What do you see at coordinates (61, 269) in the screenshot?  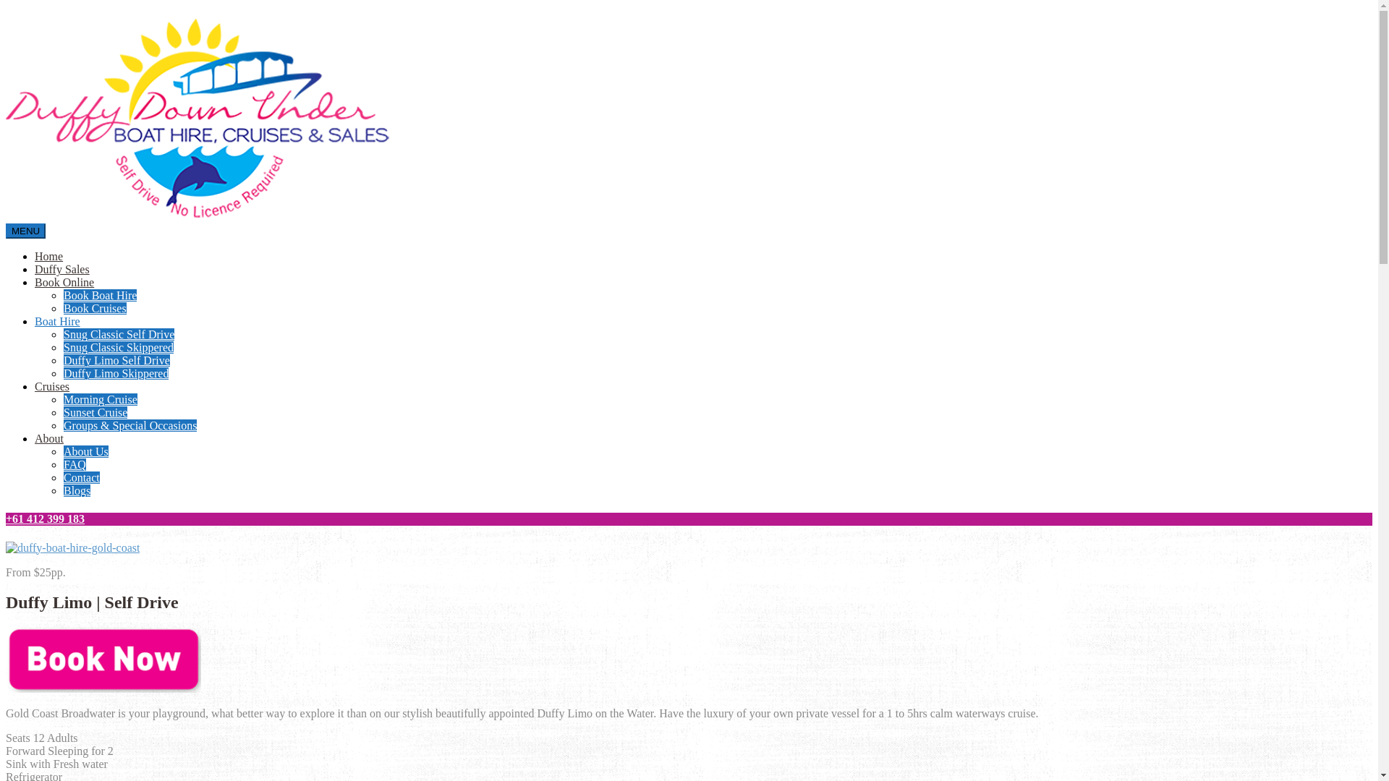 I see `'Duffy Sales'` at bounding box center [61, 269].